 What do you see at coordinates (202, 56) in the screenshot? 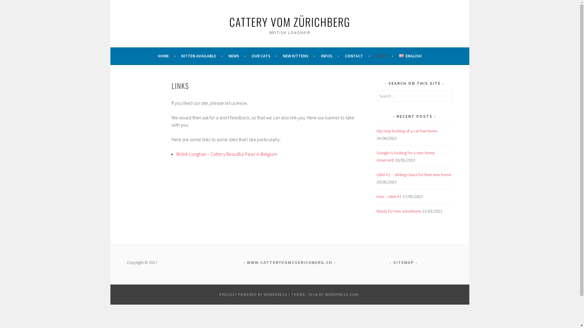
I see `'KITTEN AVAILABLE'` at bounding box center [202, 56].